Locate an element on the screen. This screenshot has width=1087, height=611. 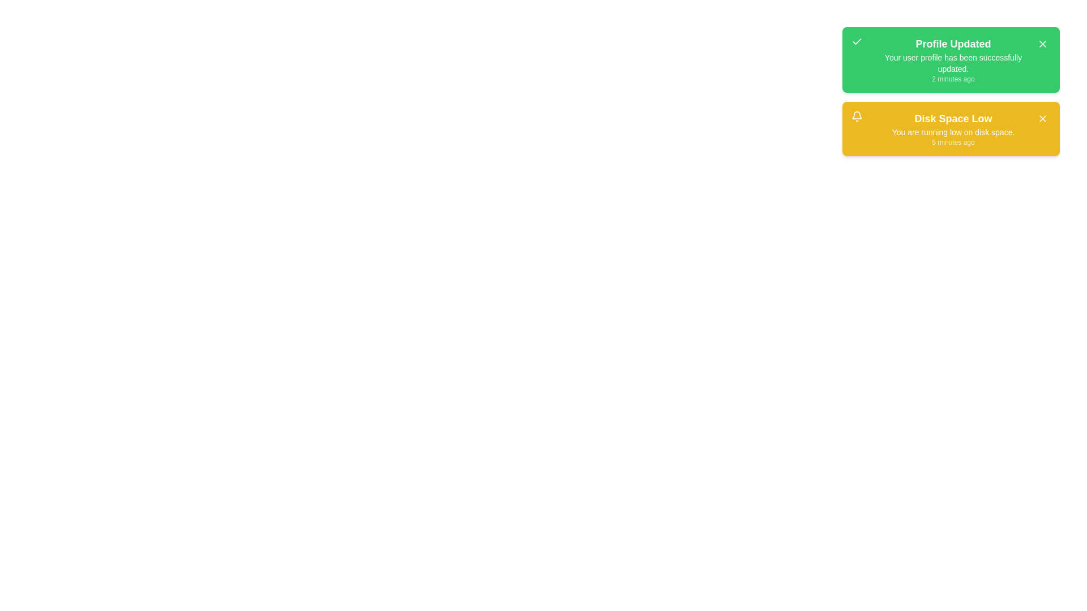
the notification icons by focusing on the icons displayed in the notification panel is located at coordinates (857, 41).